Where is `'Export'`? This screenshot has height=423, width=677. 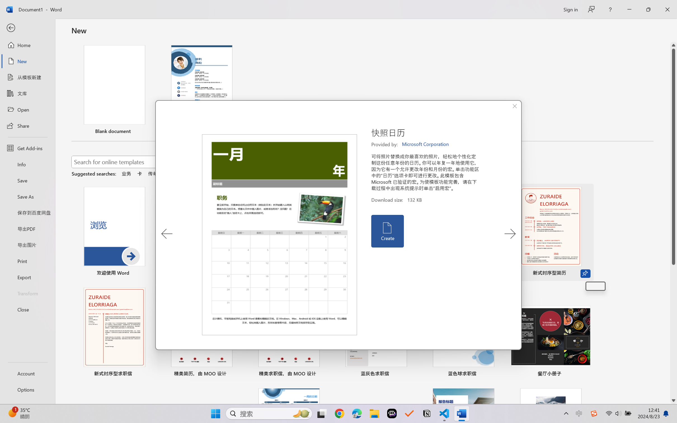
'Export' is located at coordinates (27, 277).